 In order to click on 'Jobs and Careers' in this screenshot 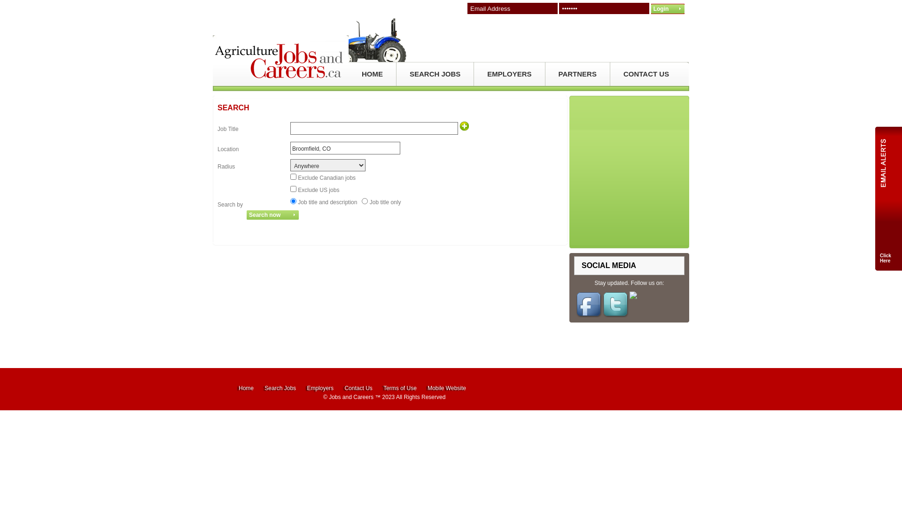, I will do `click(350, 397)`.